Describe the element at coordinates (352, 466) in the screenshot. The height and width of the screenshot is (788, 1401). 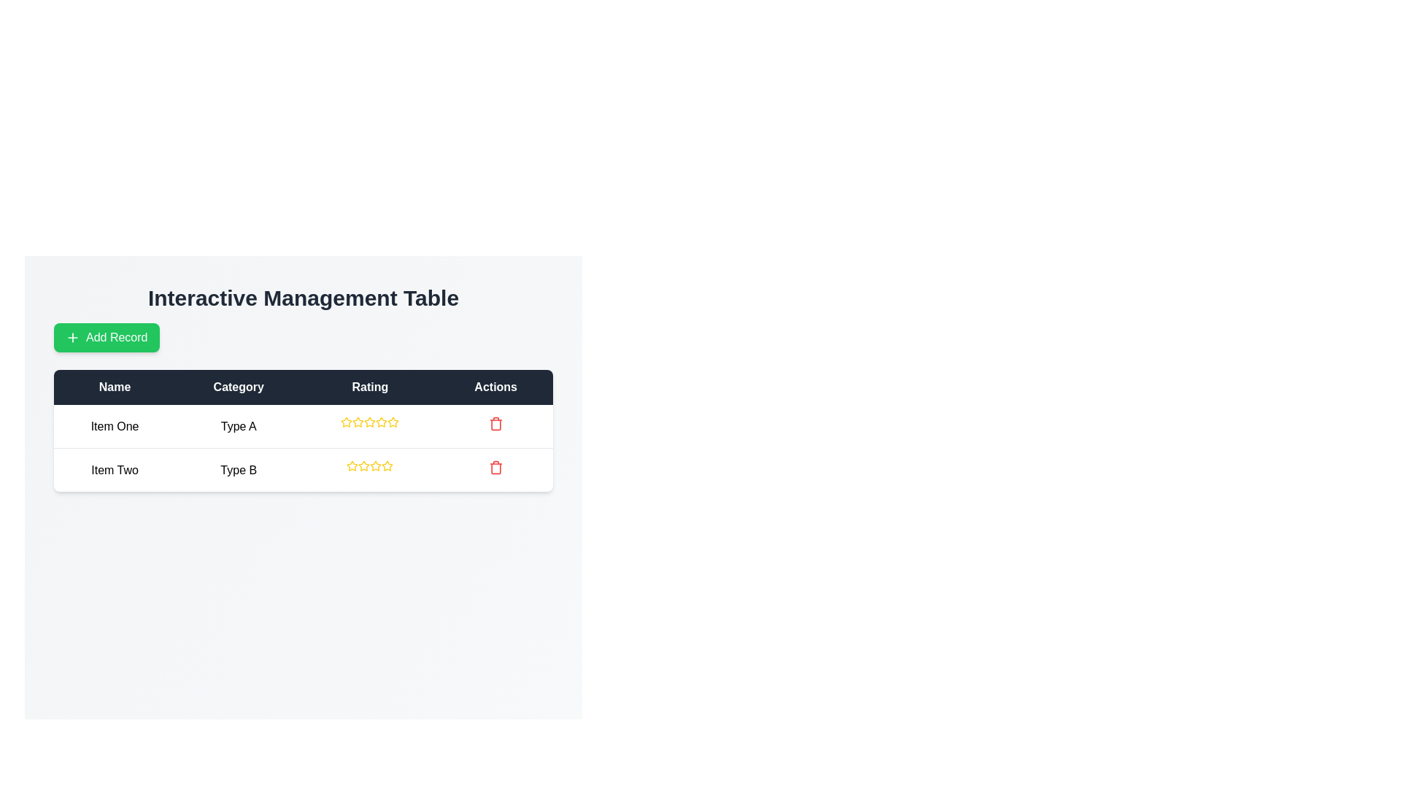
I see `the active star icon representing the first rating for 'Item Two'` at that location.